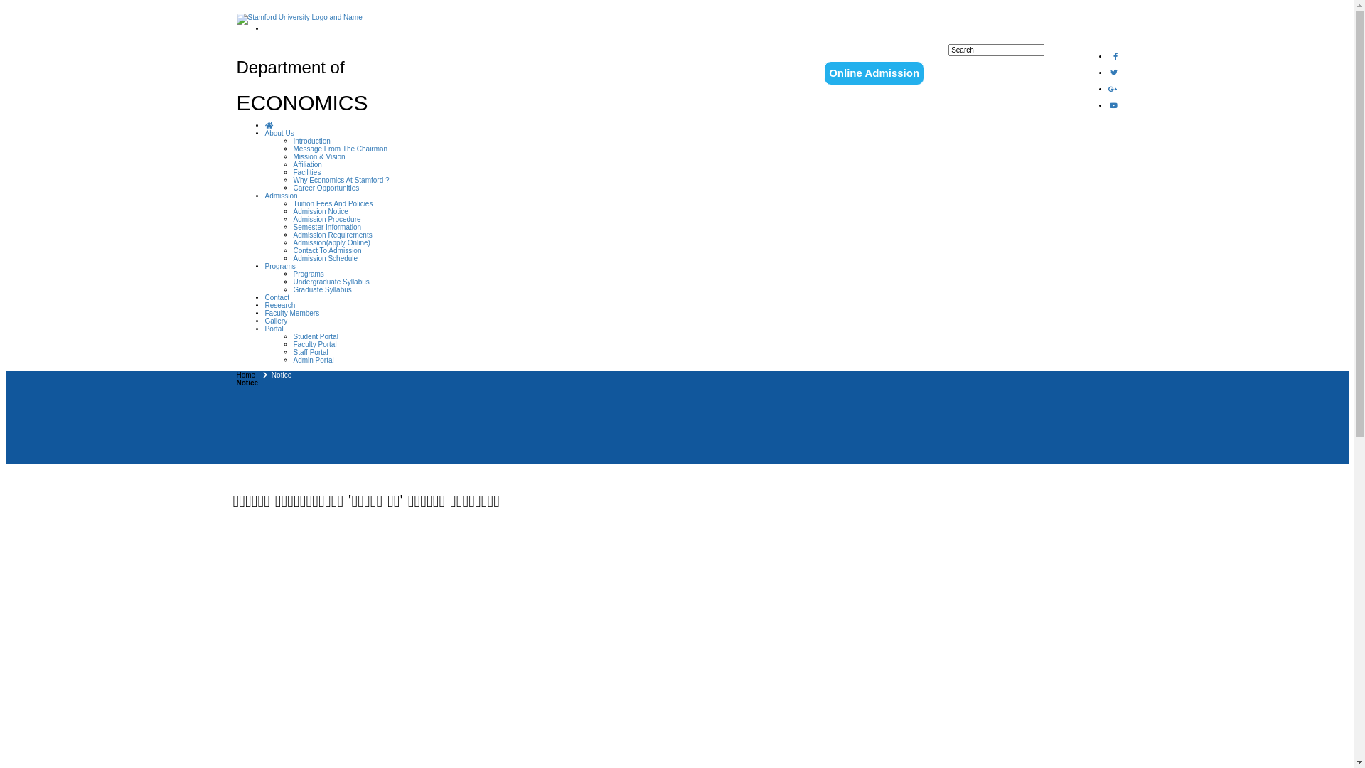  What do you see at coordinates (264, 266) in the screenshot?
I see `'Programs'` at bounding box center [264, 266].